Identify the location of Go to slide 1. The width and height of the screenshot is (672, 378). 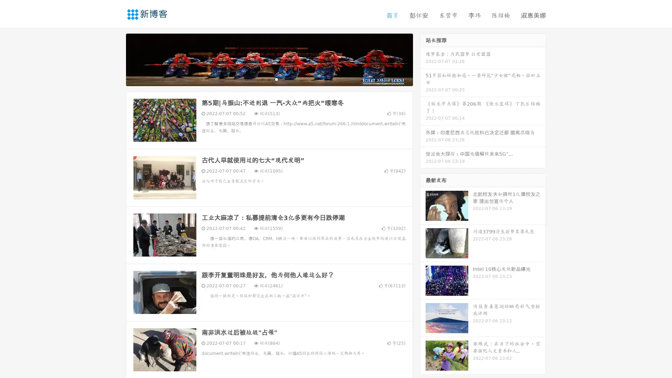
(262, 79).